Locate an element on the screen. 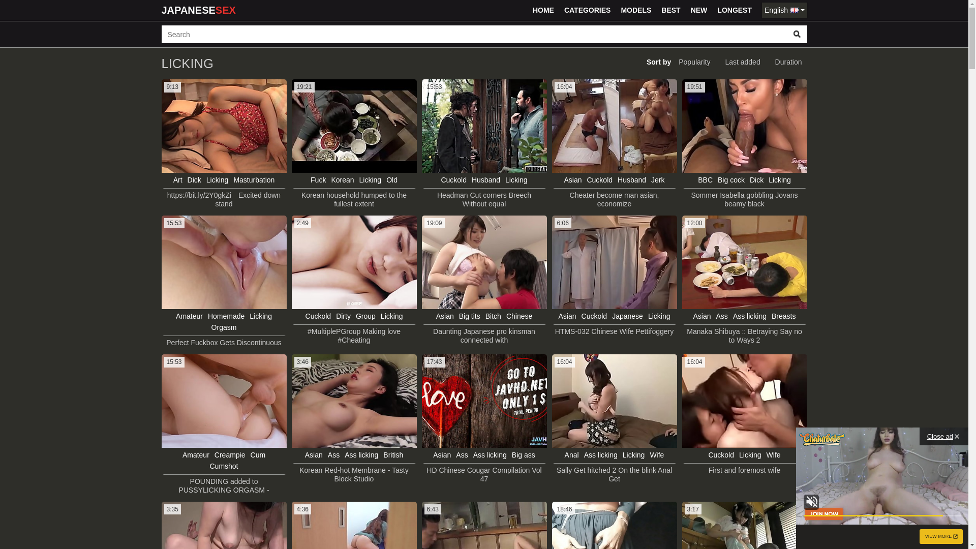 The width and height of the screenshot is (976, 549). 'Masturbation' is located at coordinates (254, 179).